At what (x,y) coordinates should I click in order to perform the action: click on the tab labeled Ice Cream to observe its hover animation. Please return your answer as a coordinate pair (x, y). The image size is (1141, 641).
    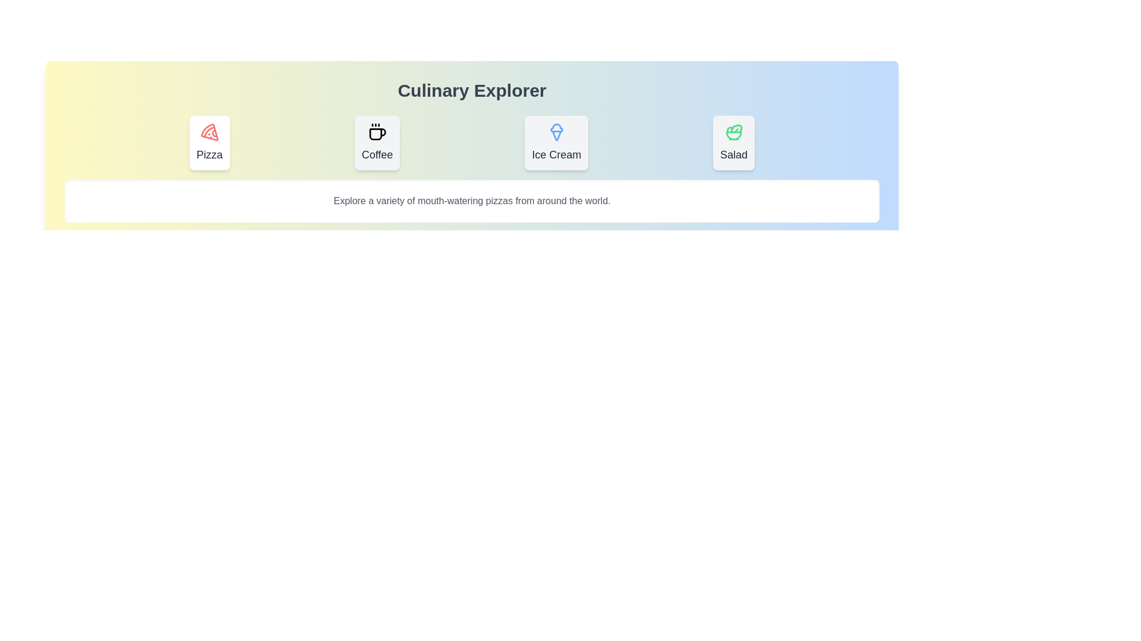
    Looking at the image, I should click on (556, 142).